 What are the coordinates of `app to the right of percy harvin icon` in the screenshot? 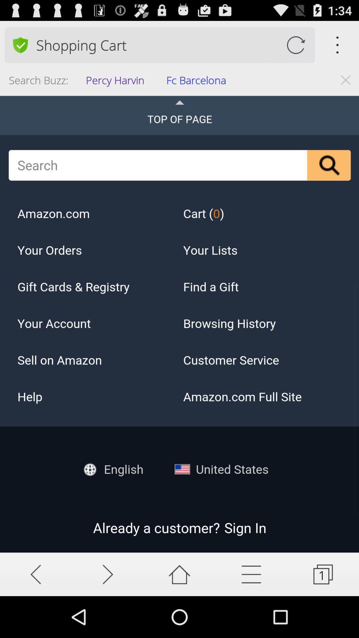 It's located at (198, 82).